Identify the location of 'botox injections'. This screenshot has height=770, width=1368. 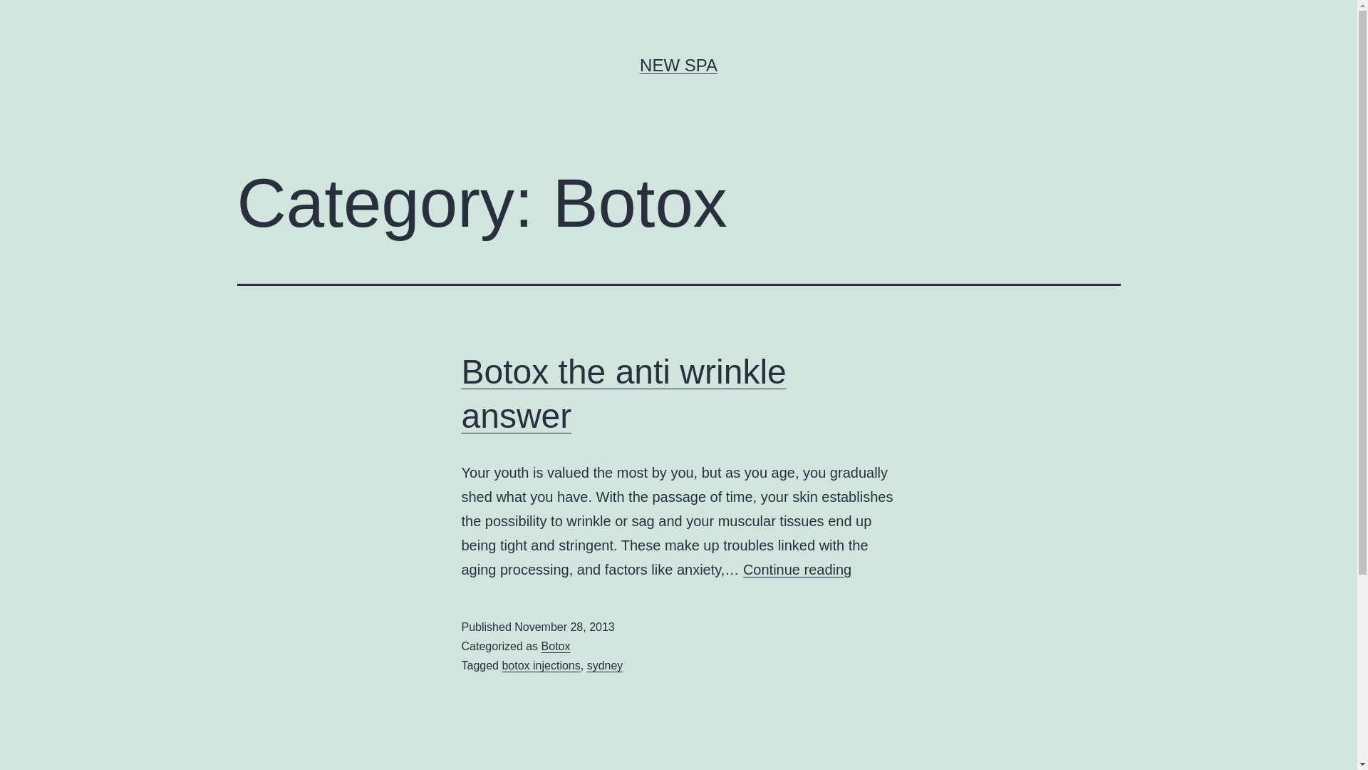
(502, 665).